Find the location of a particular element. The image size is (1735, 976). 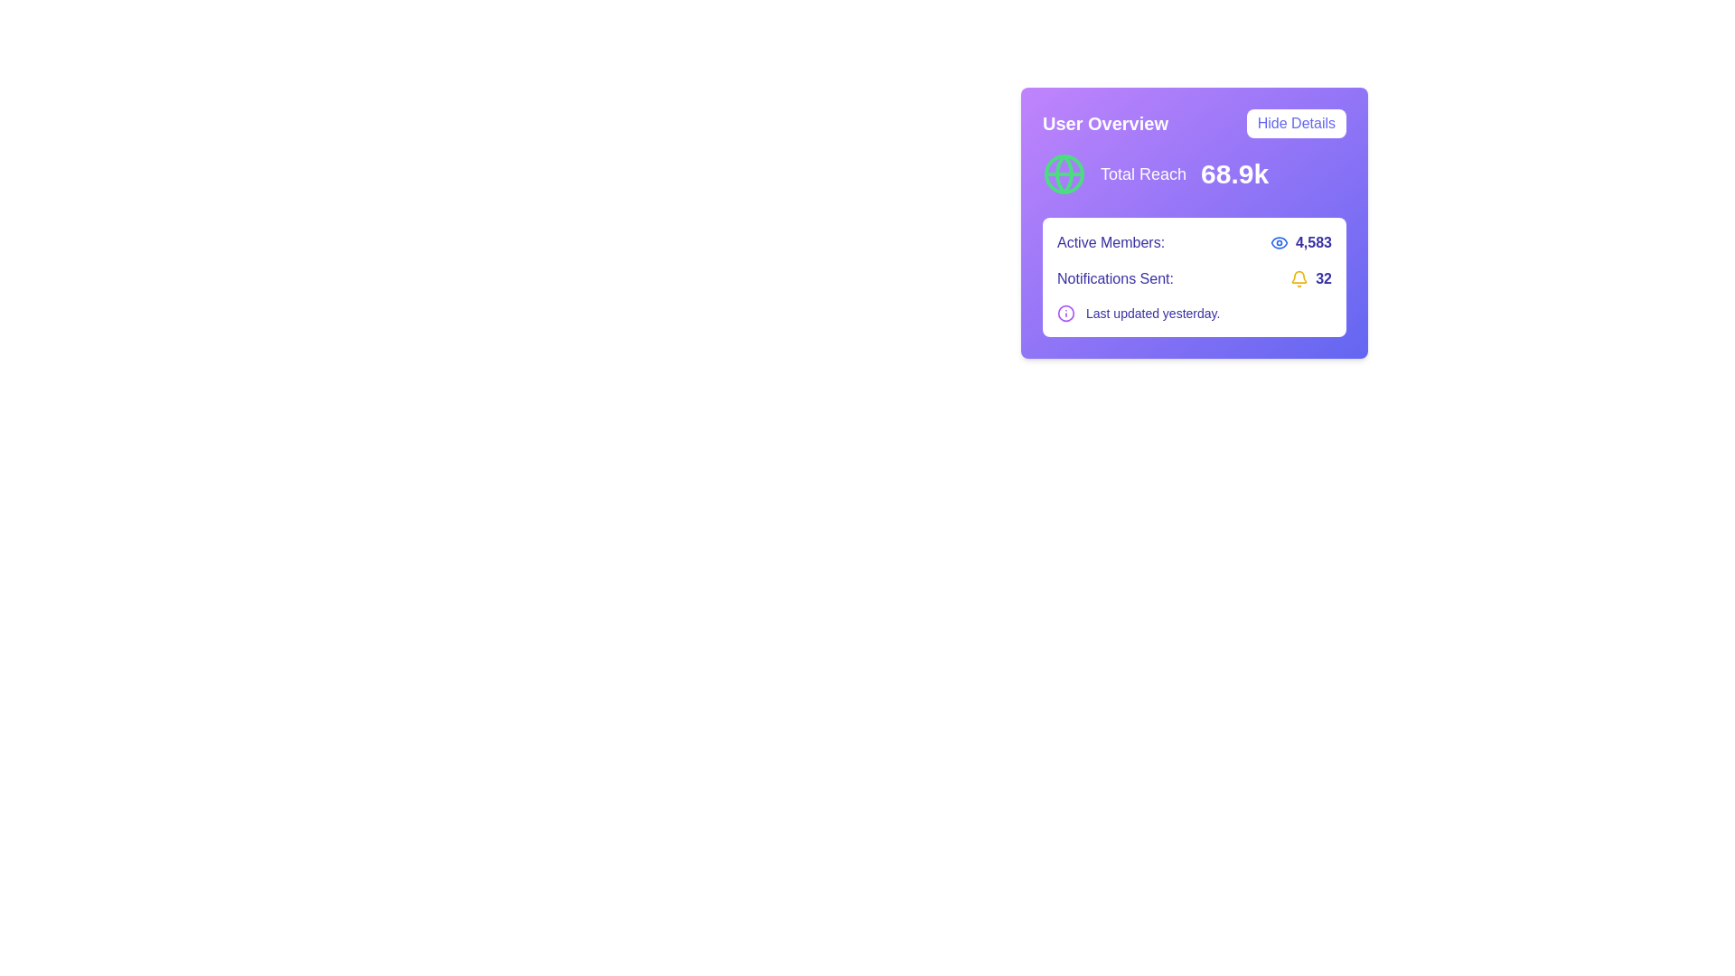

the informational icon located to the left of the text 'Last updated yesterday.' within the purple card labeled 'User Overview' is located at coordinates (1066, 313).